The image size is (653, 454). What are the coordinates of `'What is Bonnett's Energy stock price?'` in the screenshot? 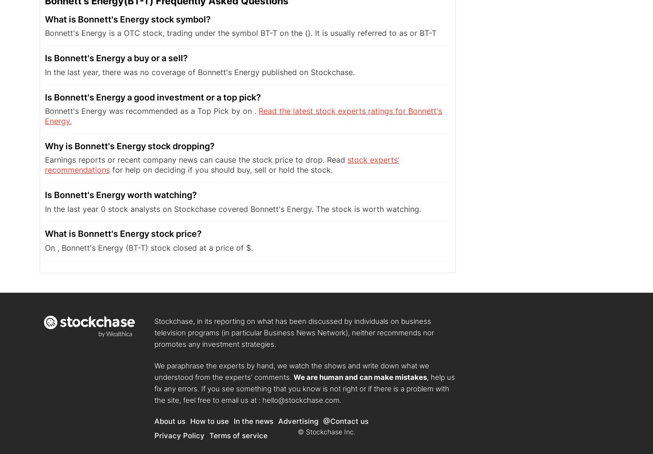 It's located at (123, 233).